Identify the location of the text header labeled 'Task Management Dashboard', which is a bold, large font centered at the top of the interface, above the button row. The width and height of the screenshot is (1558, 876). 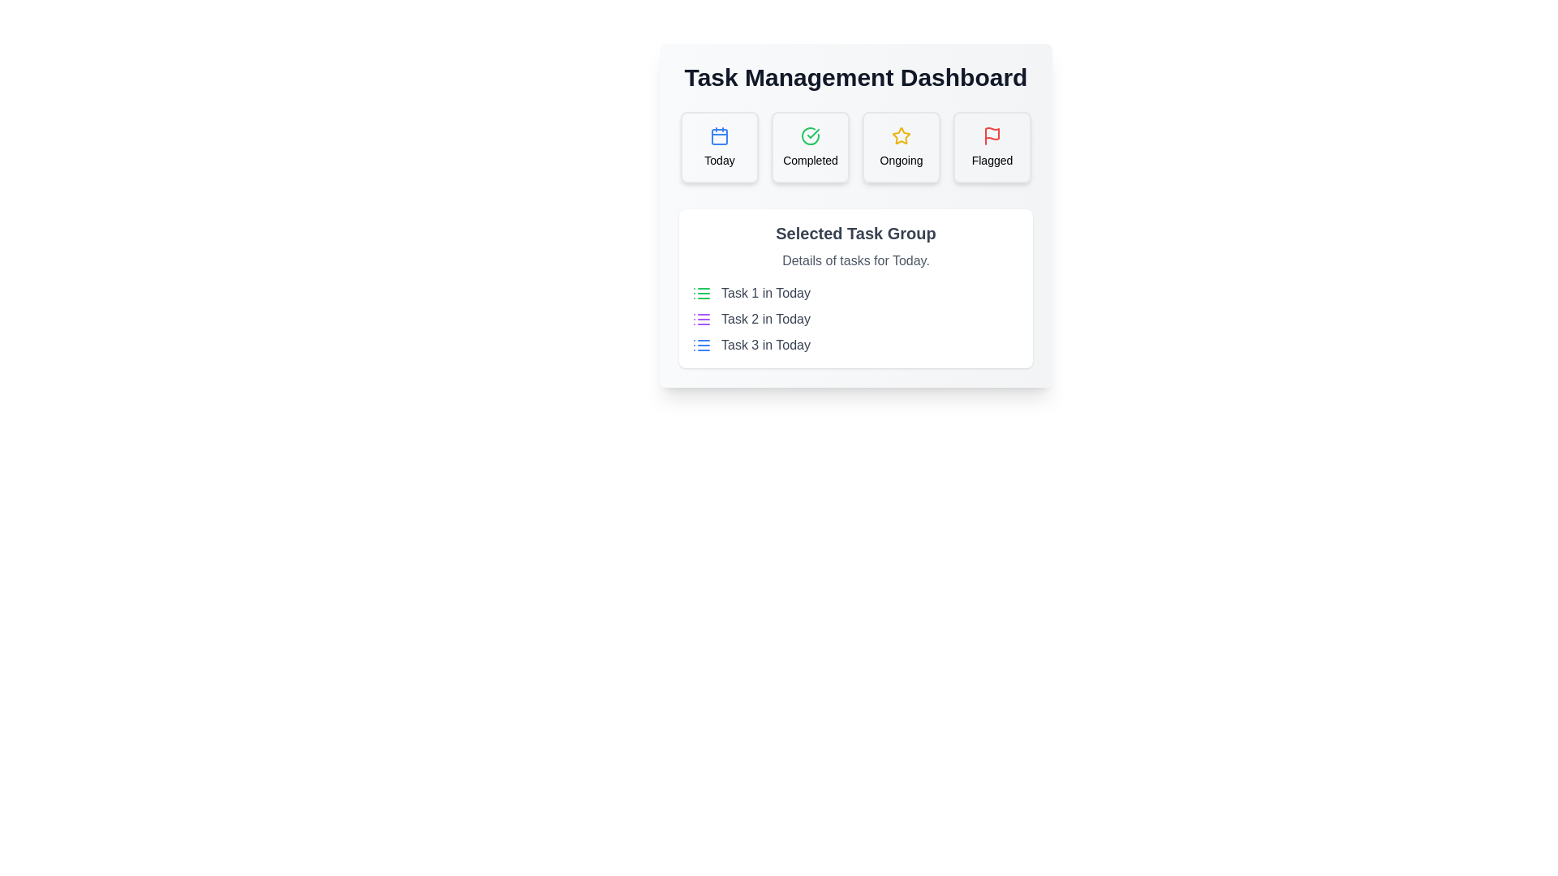
(855, 78).